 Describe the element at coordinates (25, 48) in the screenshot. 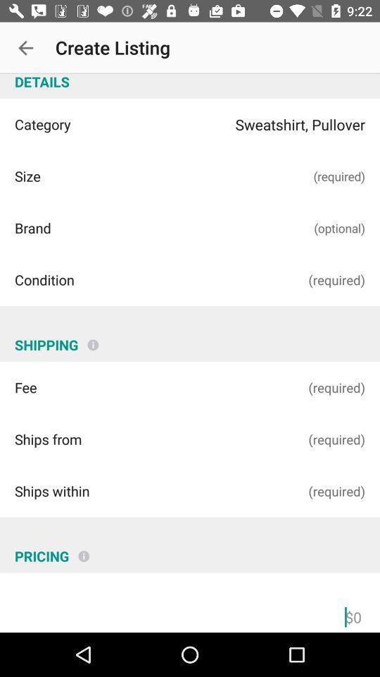

I see `icon above the details` at that location.